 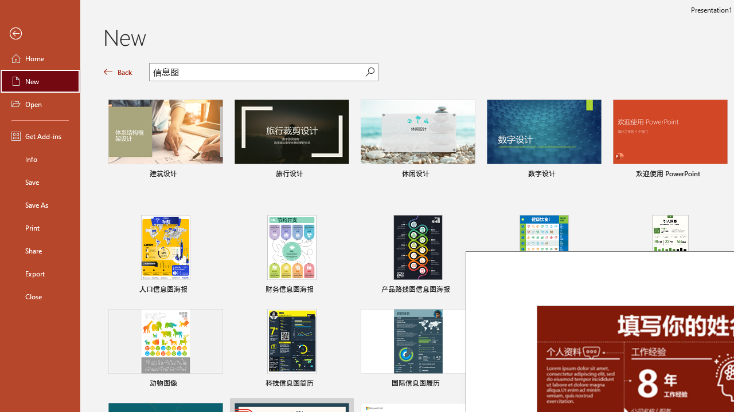 What do you see at coordinates (257, 73) in the screenshot?
I see `'Search for online templates and themes'` at bounding box center [257, 73].